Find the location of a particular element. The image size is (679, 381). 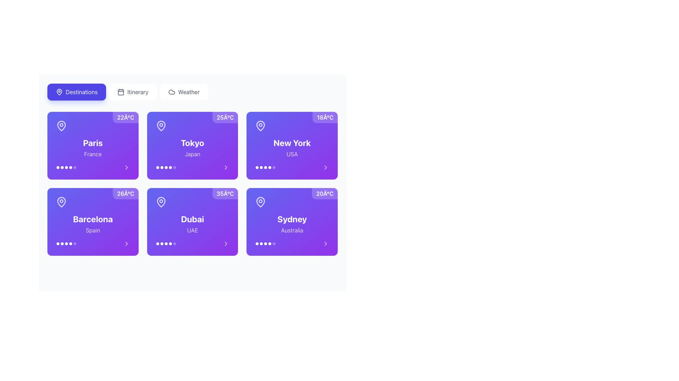

the text label displaying '35°C' in a white, bold font located in the top-right corner of the 'Dubai' weather information card is located at coordinates (225, 193).